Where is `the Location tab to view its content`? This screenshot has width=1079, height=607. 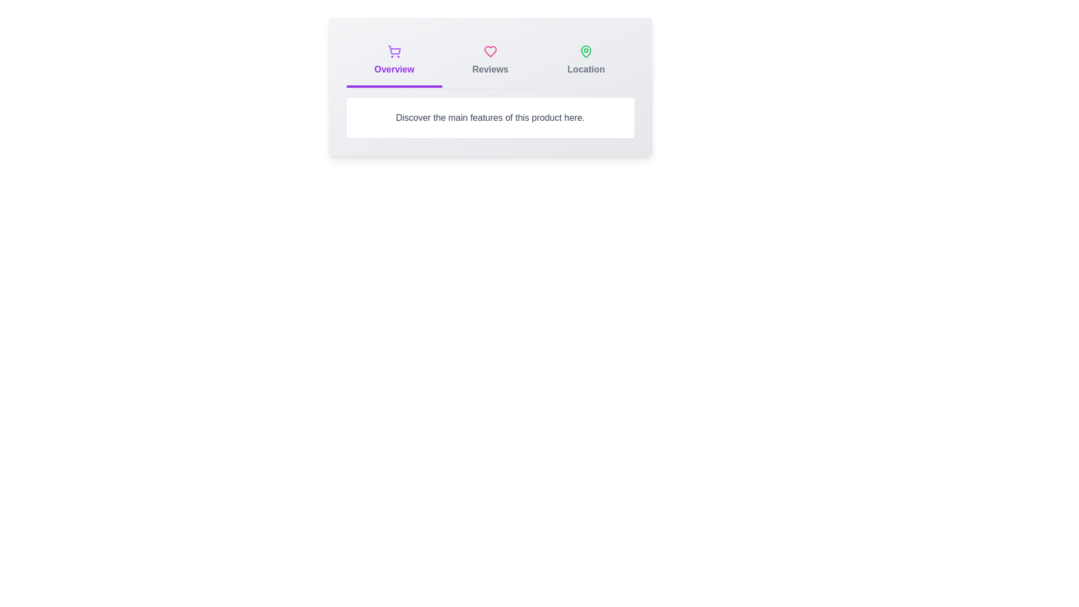 the Location tab to view its content is located at coordinates (585, 62).